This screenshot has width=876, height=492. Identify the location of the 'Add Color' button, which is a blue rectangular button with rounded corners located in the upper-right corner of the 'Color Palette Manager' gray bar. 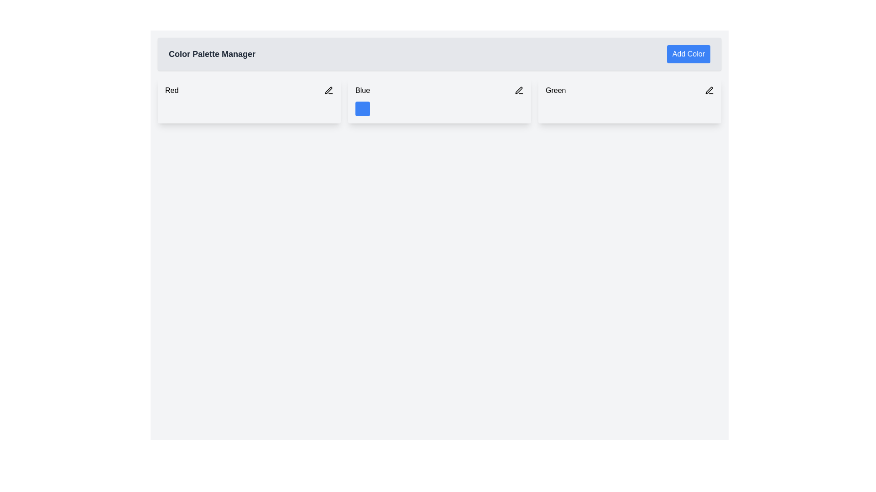
(688, 54).